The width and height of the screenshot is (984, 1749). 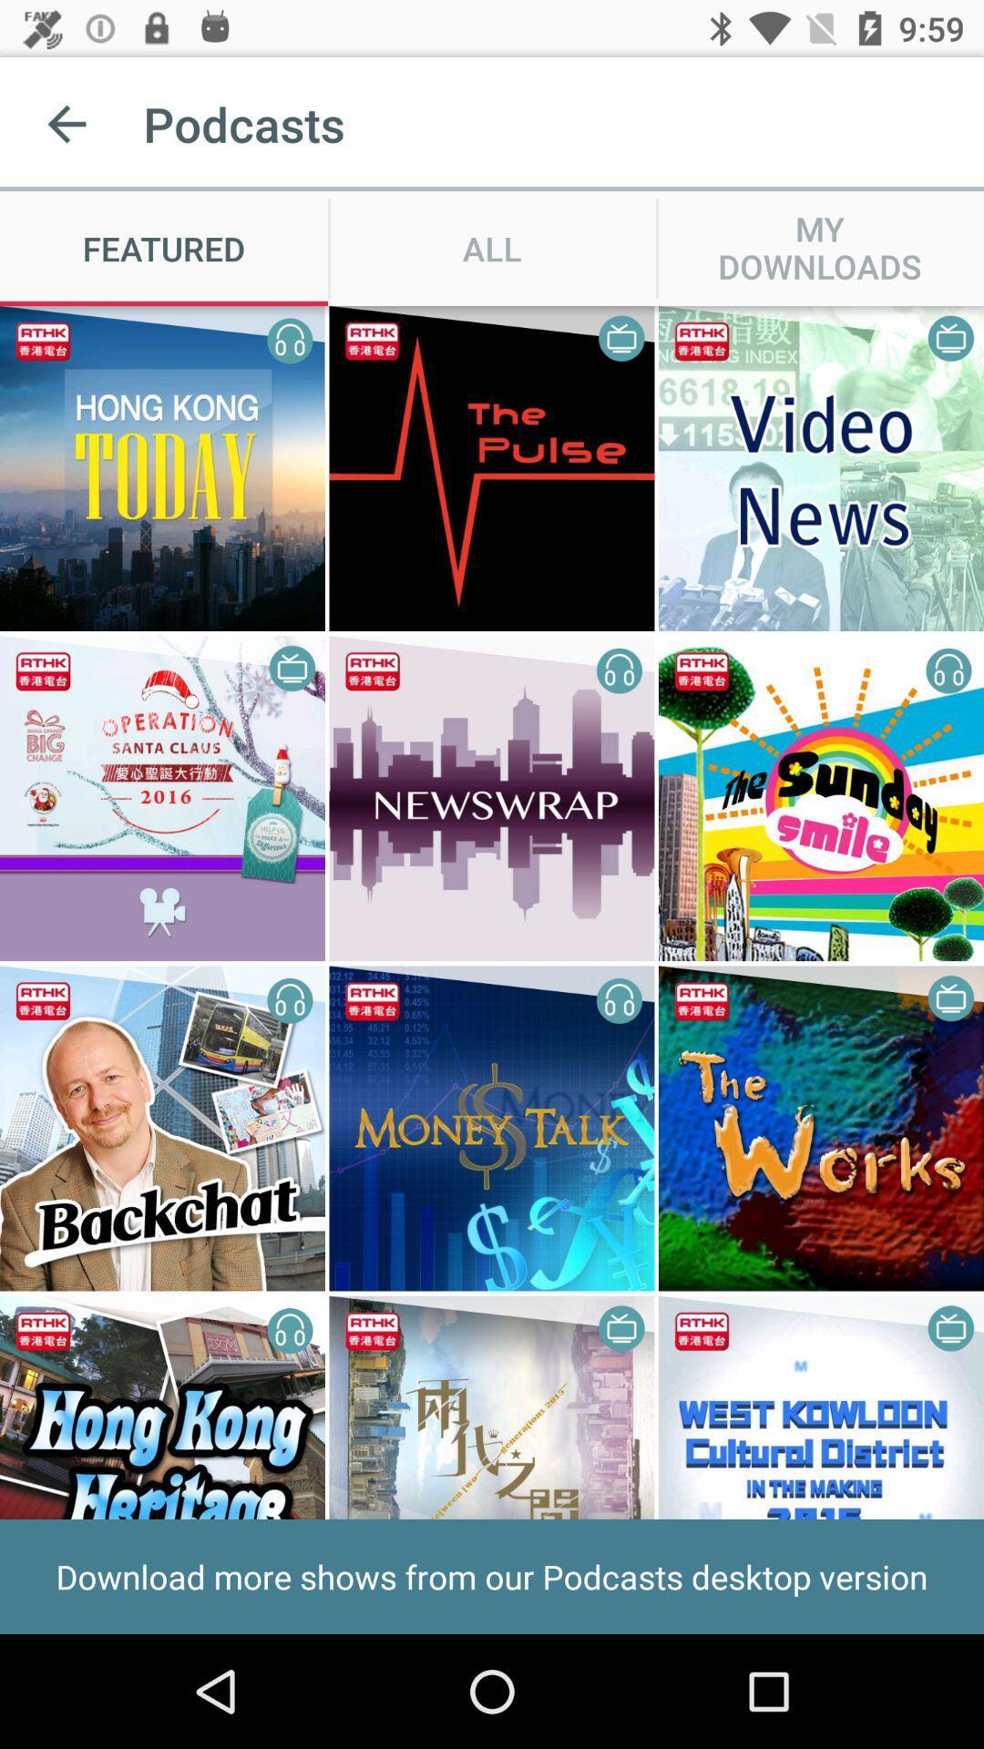 What do you see at coordinates (492, 798) in the screenshot?
I see `the image in which it says newswrap` at bounding box center [492, 798].